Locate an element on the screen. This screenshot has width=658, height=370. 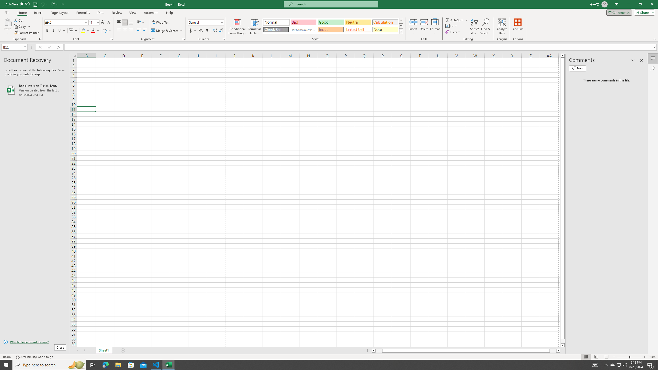
'Show Phonetic Field' is located at coordinates (105, 30).